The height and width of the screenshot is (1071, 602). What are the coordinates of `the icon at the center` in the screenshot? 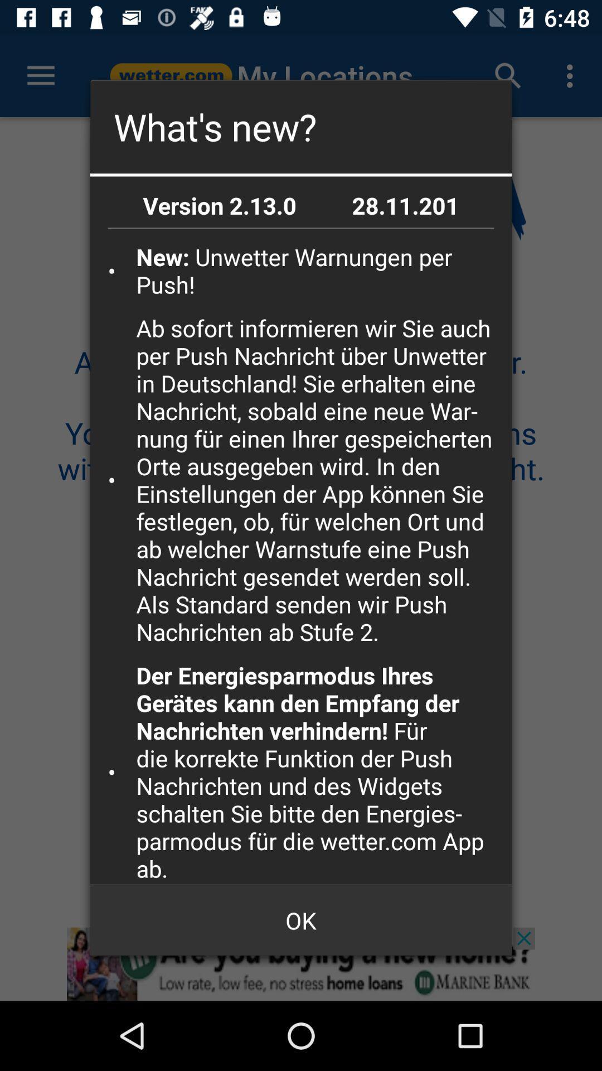 It's located at (320, 480).